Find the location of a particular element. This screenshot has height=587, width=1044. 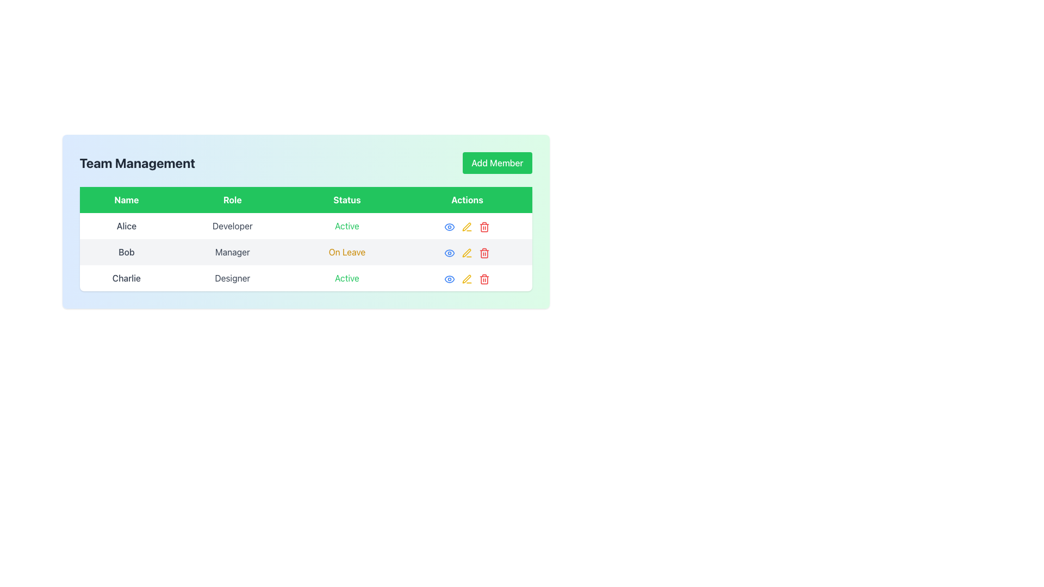

to select the text 'Bob' displayed in the 'Name' column of the 'Team Management' table located in the second row is located at coordinates (126, 252).